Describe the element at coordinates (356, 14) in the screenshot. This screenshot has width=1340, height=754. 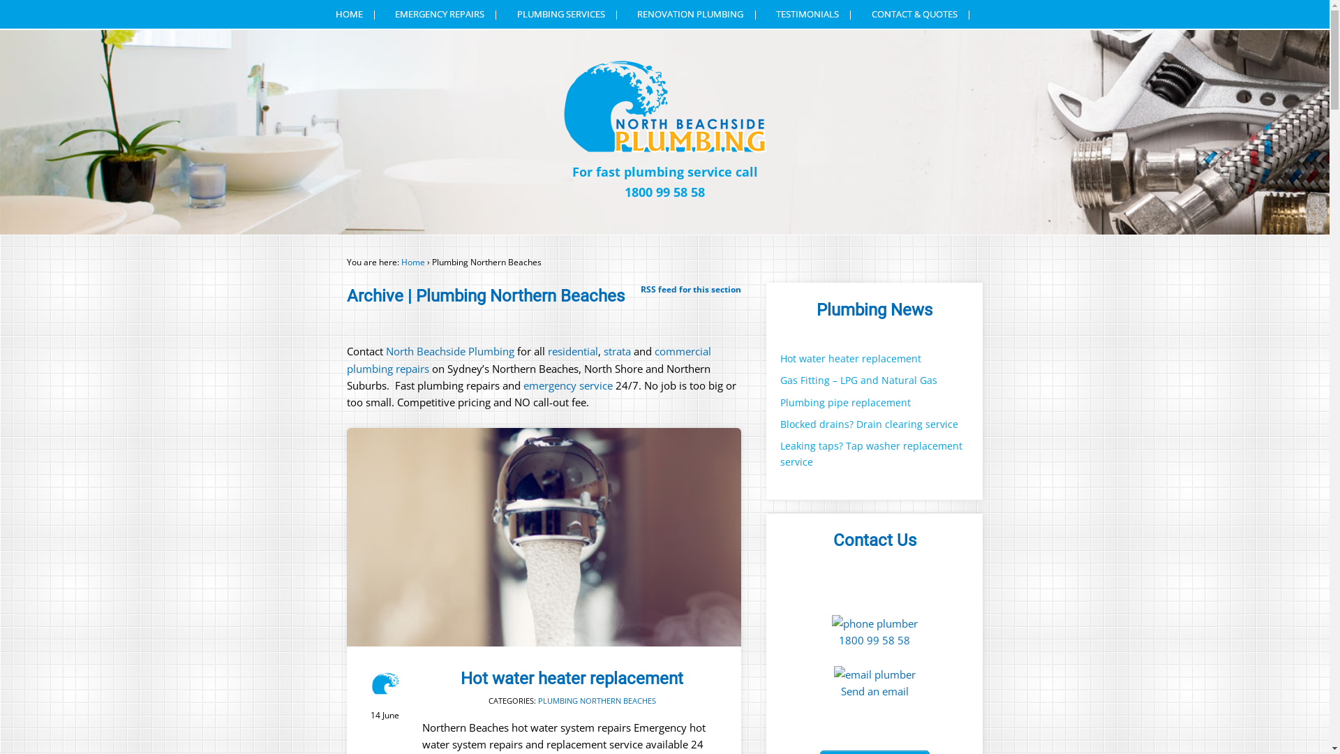
I see `'HOME'` at that location.